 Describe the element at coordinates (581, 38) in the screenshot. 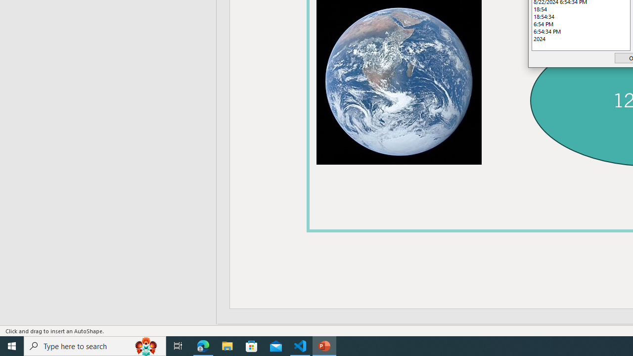

I see `'2024'` at that location.